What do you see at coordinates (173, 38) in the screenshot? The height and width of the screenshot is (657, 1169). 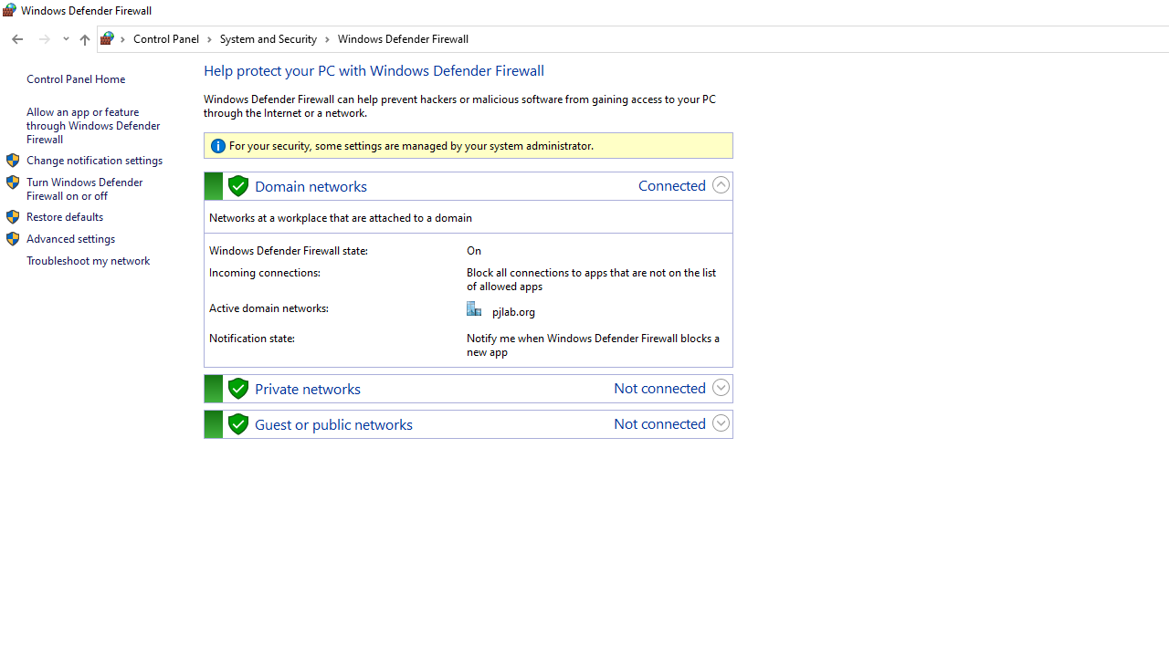 I see `'Control Panel'` at bounding box center [173, 38].